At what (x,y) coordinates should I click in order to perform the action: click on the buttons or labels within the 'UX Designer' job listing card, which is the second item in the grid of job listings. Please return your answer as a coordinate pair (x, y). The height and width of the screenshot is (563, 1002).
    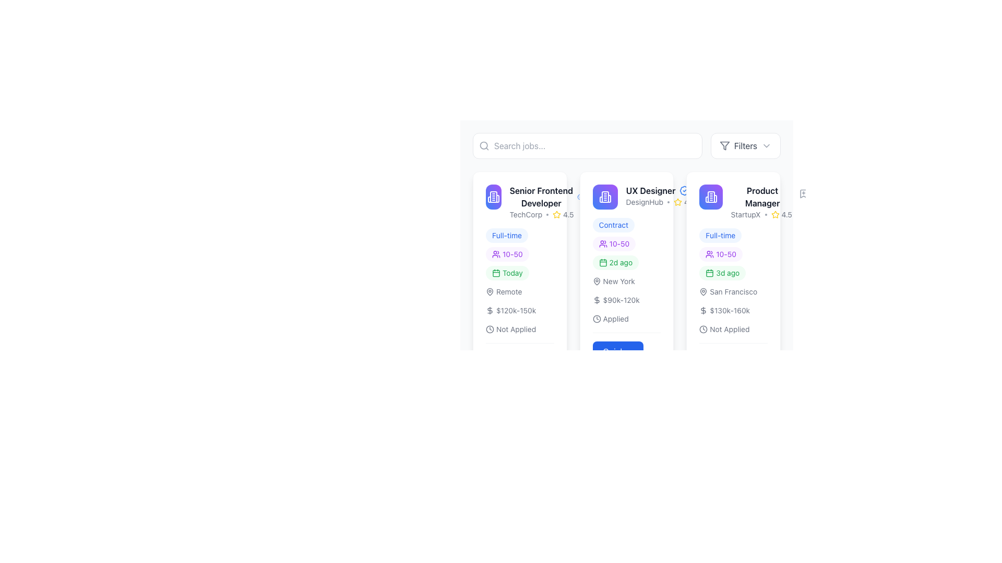
    Looking at the image, I should click on (626, 285).